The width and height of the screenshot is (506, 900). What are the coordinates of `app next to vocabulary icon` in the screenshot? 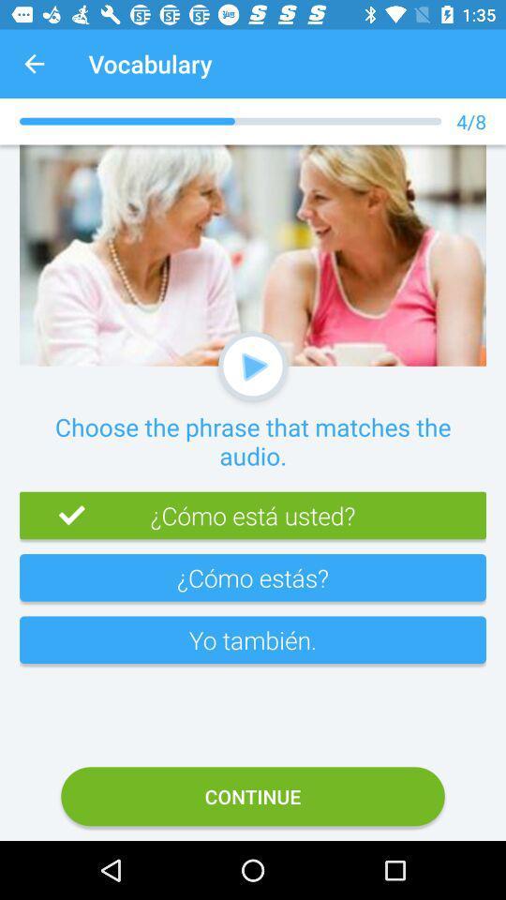 It's located at (34, 64).